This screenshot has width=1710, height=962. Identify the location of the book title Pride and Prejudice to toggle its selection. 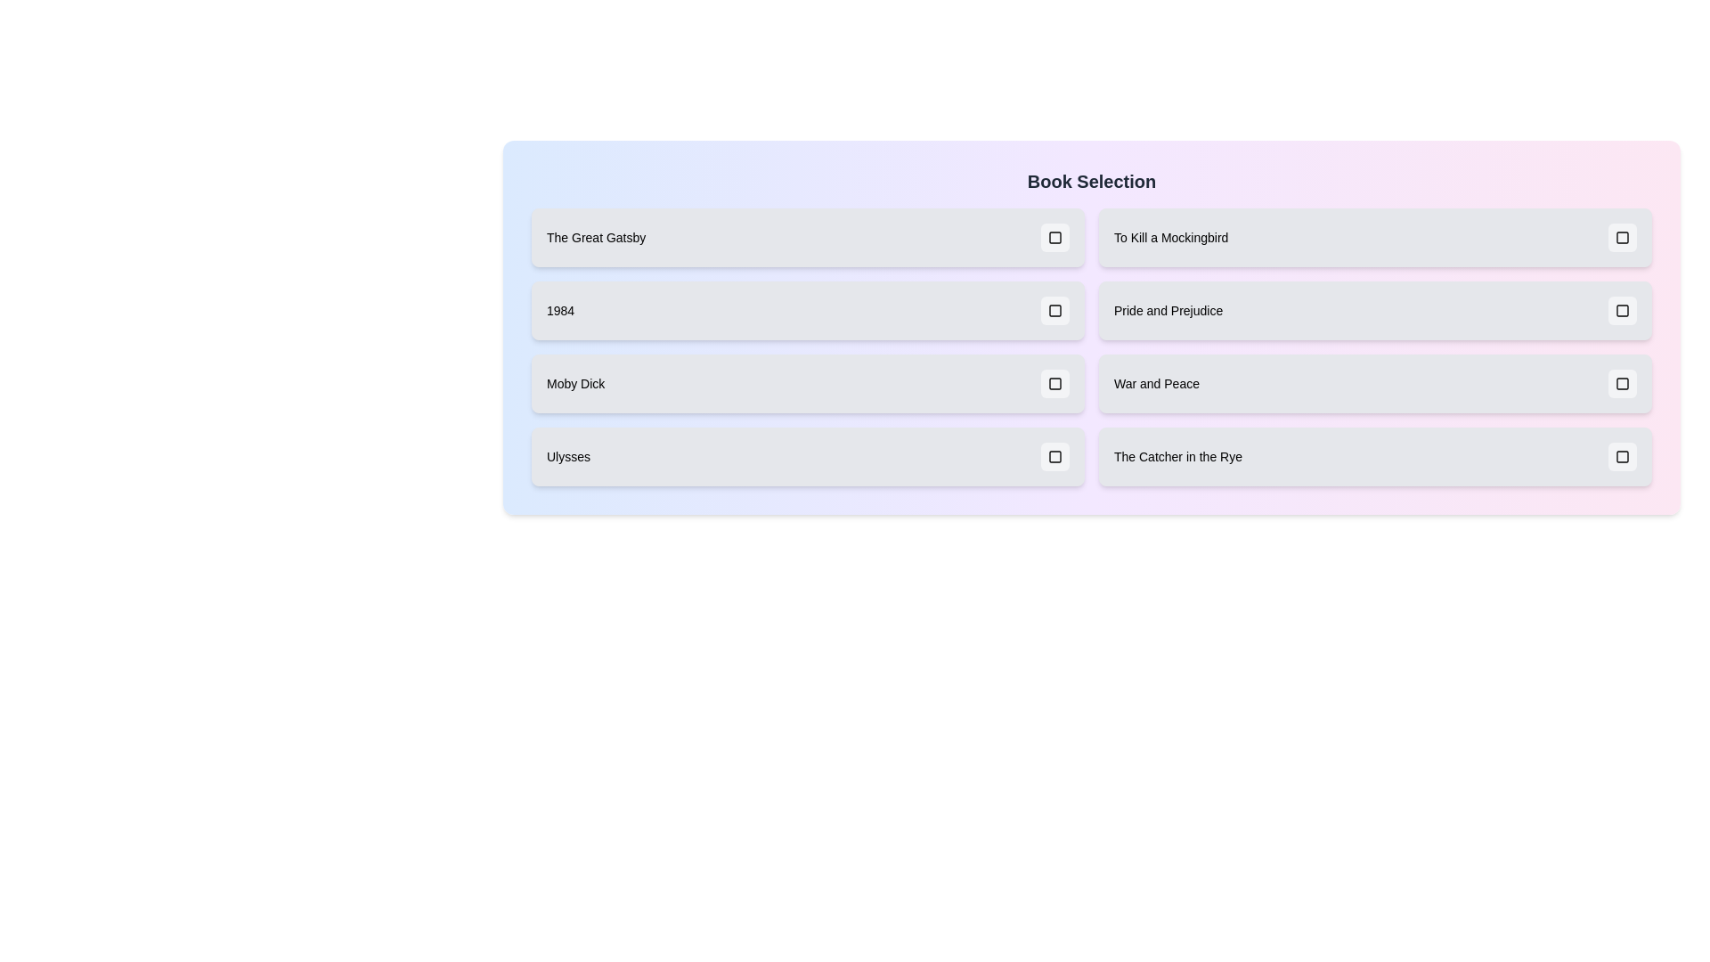
(1374, 309).